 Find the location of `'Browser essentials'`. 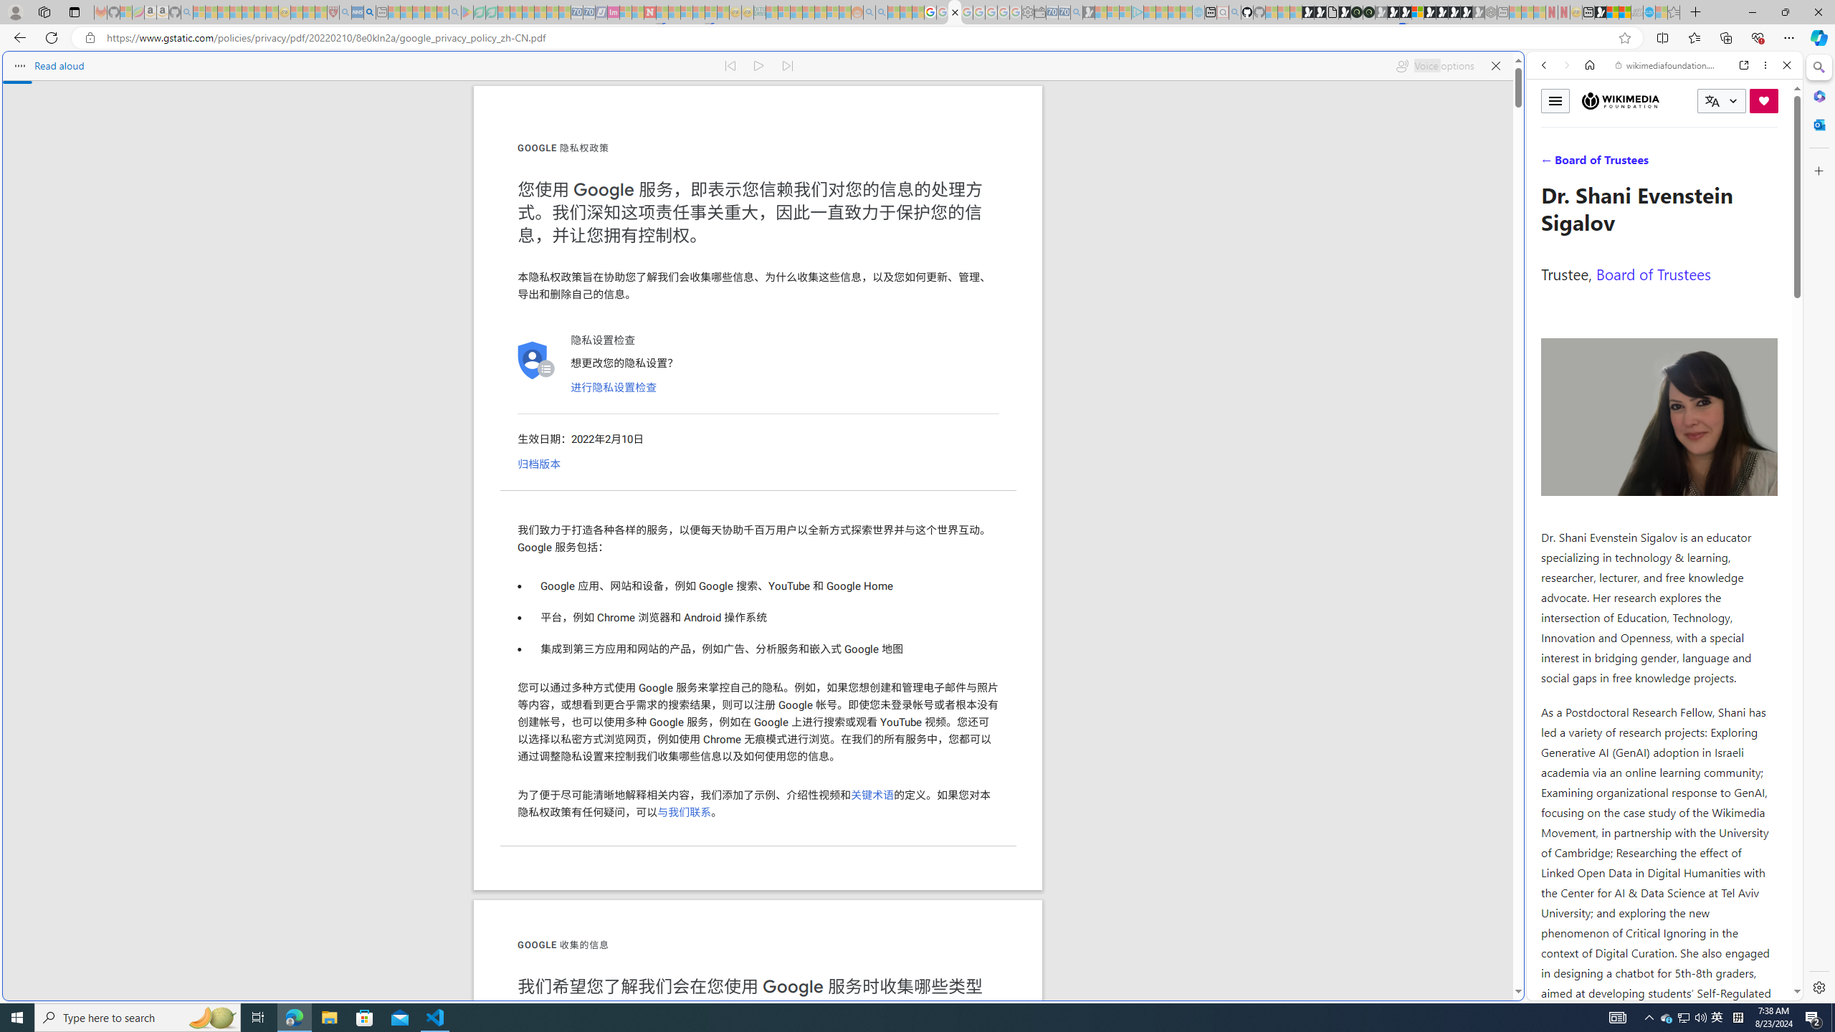

'Browser essentials' is located at coordinates (1757, 37).